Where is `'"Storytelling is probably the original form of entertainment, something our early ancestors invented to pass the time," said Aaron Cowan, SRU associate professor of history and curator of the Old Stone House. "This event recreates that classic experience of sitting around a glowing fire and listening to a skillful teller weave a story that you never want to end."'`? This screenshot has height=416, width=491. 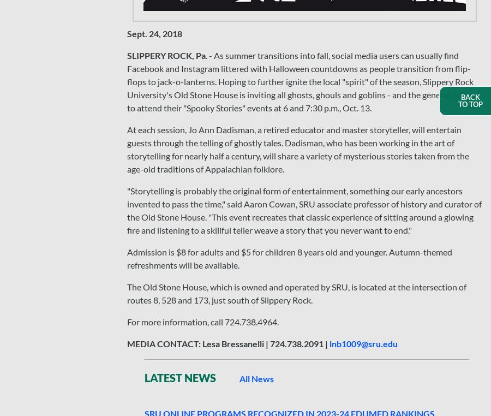 '"Storytelling is probably the original form of entertainment, something our early ancestors invented to pass the time," said Aaron Cowan, SRU associate professor of history and curator of the Old Stone House. "This event recreates that classic experience of sitting around a glowing fire and listening to a skillful teller weave a story that you never want to end."' is located at coordinates (304, 210).